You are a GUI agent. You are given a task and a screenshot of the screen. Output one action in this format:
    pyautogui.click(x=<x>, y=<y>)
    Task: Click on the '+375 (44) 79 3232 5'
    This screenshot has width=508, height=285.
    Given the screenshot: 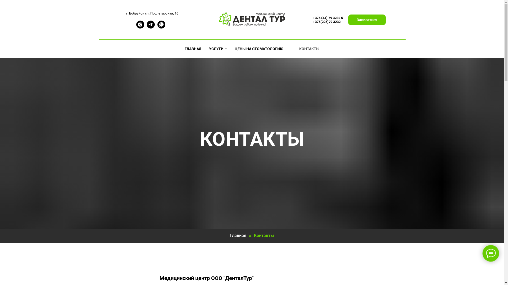 What is the action you would take?
    pyautogui.click(x=327, y=17)
    